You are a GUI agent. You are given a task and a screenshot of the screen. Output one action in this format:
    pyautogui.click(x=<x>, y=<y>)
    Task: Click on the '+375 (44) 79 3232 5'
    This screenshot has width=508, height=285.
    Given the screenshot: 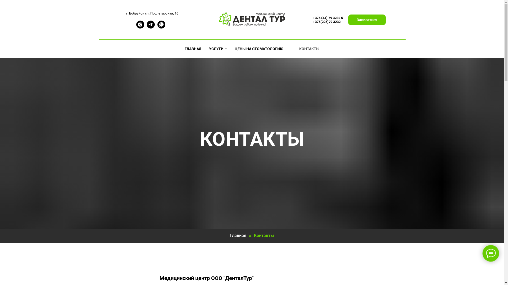 What is the action you would take?
    pyautogui.click(x=327, y=17)
    